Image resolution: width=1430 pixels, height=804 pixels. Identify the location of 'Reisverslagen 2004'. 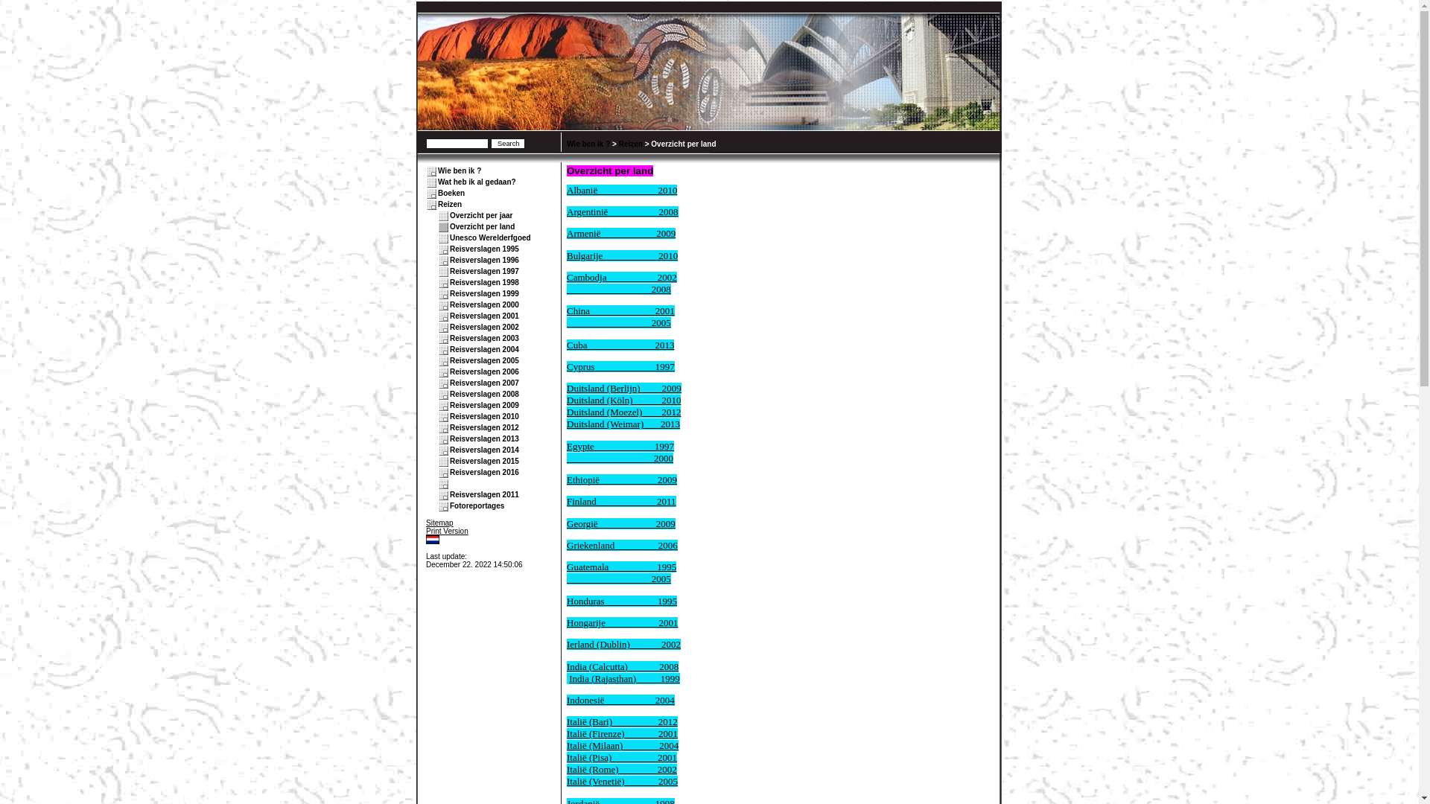
(484, 349).